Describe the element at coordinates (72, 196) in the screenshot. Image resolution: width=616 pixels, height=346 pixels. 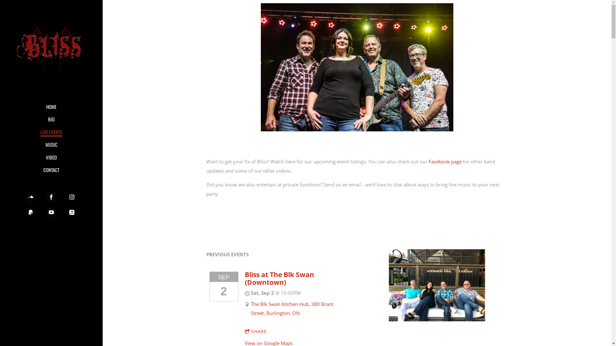
I see `'https://instagram.com/blisslivemusic'` at that location.